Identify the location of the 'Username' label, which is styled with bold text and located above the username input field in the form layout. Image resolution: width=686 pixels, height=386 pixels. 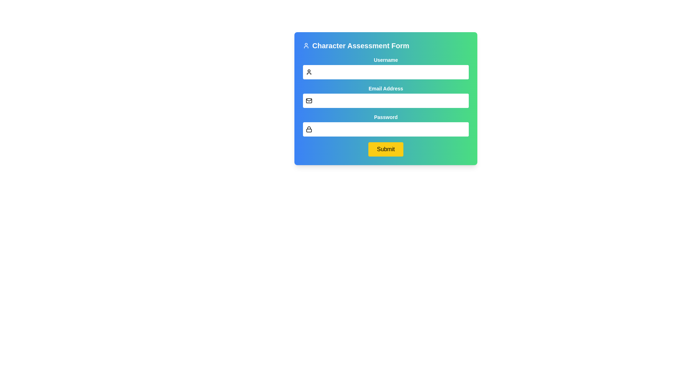
(386, 60).